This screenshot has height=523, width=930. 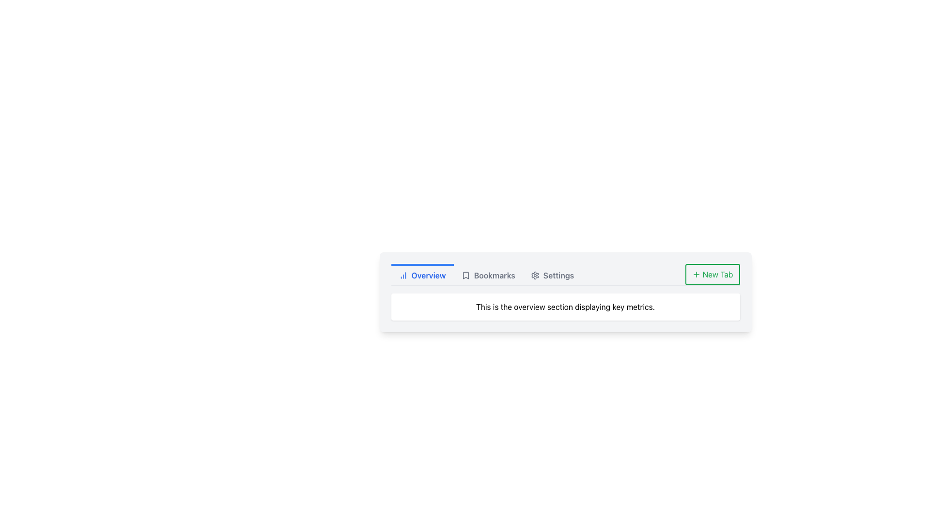 What do you see at coordinates (534, 276) in the screenshot?
I see `the settings icon, which is a gear shape located to the left of the text 'Settings' in the main navigation bar` at bounding box center [534, 276].